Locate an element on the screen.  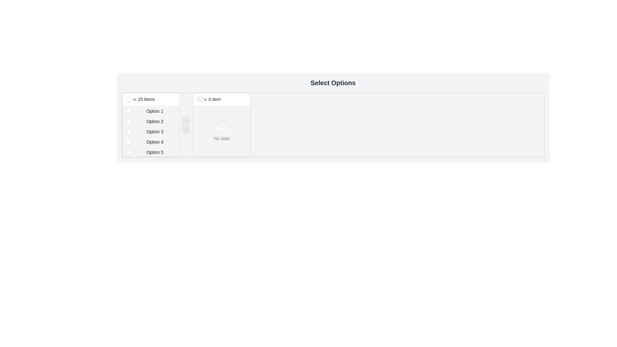
the checkbox associated with the 'Option 2' Selection List Item located beneath the header '15 items' in the left panel of the dual-panel interface is located at coordinates (151, 125).